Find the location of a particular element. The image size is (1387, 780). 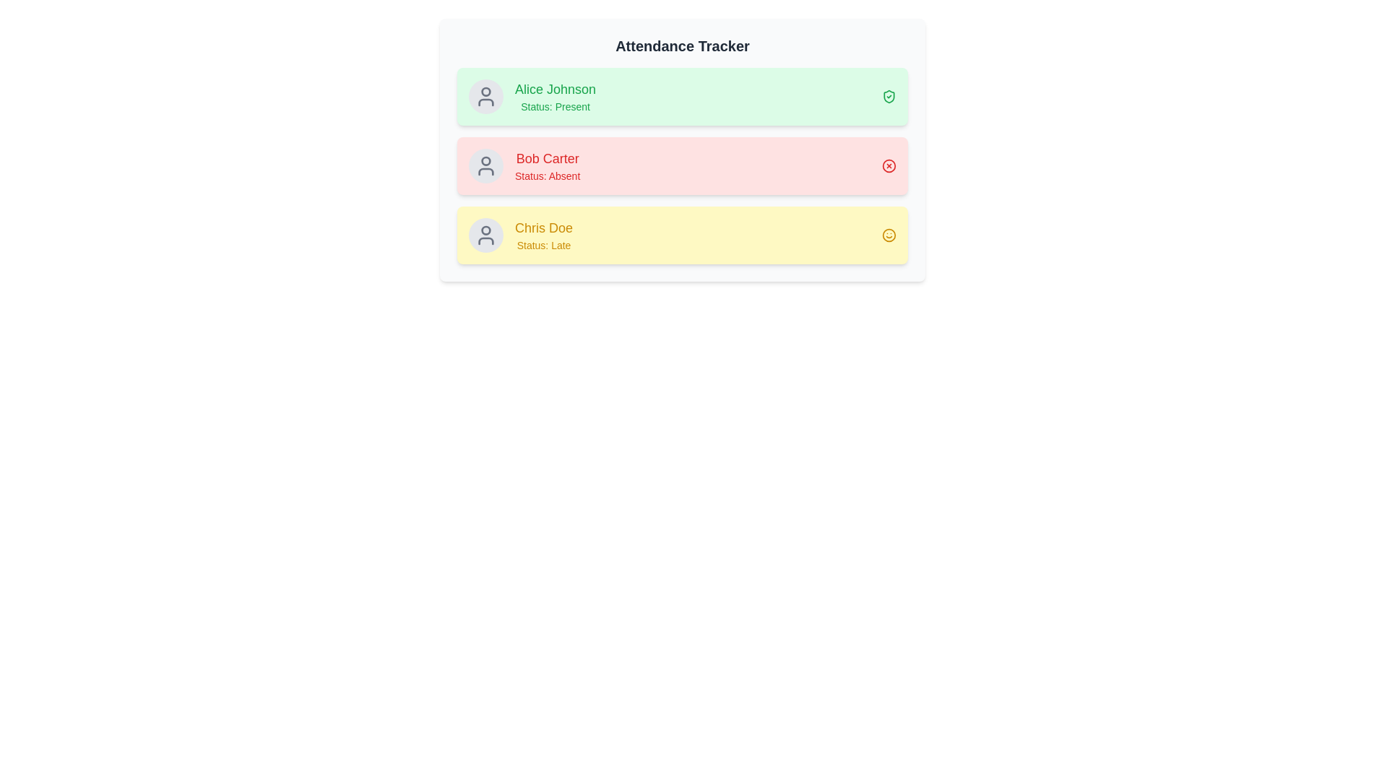

the vector graphic circle representing the user icon for Chris Doe, which is positioned at the top of the icon is located at coordinates (485, 230).